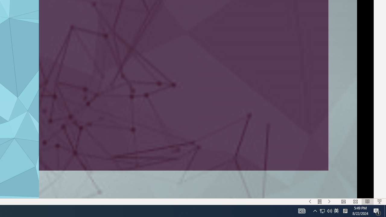 This screenshot has width=386, height=217. Describe the element at coordinates (379, 202) in the screenshot. I see `'Slide Show'` at that location.